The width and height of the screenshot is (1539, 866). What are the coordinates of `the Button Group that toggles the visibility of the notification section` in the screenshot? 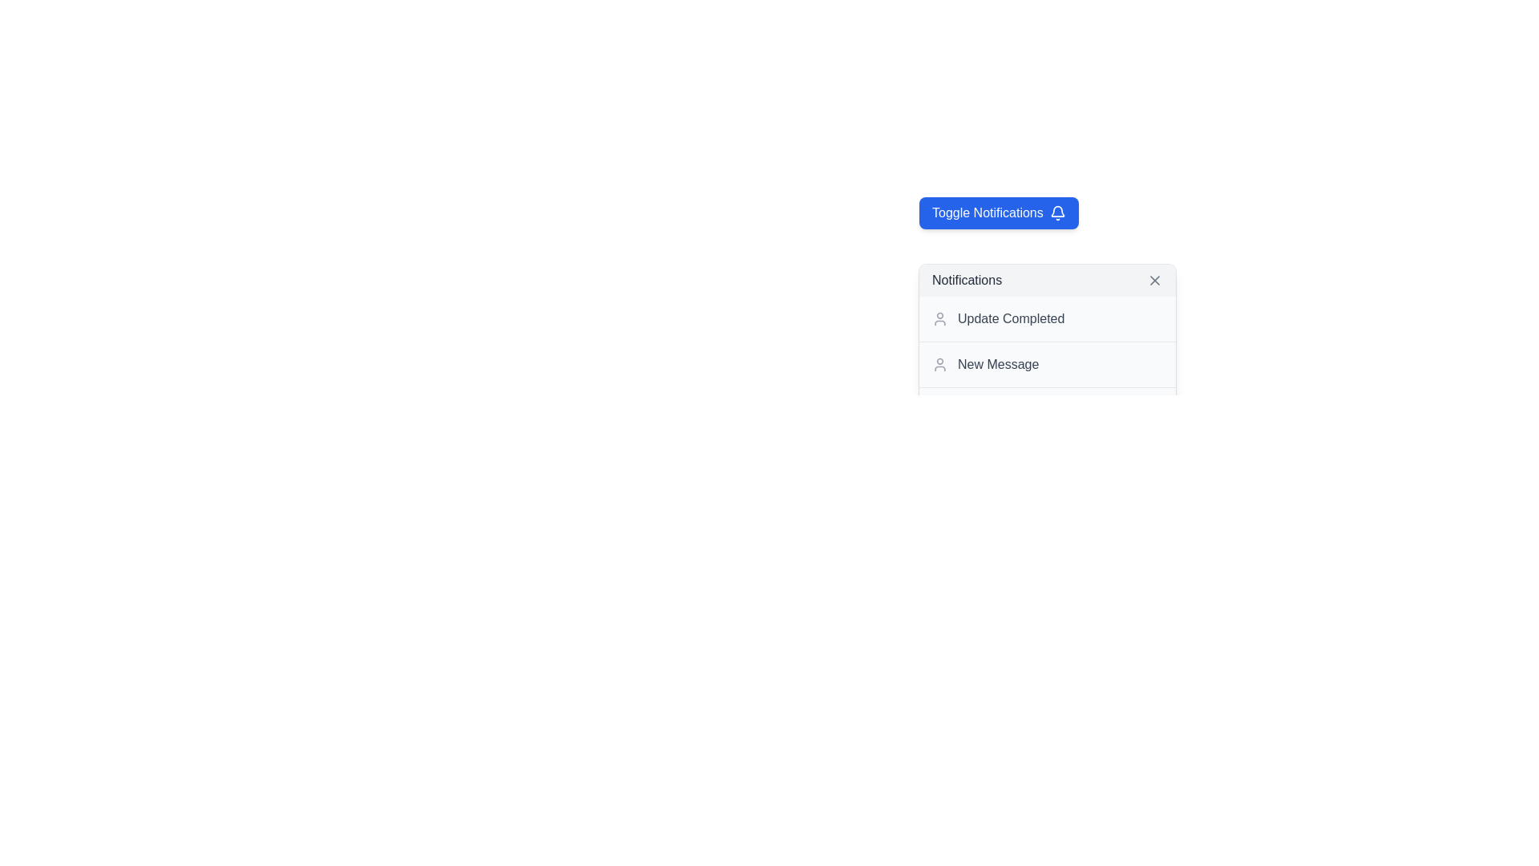 It's located at (1093, 212).